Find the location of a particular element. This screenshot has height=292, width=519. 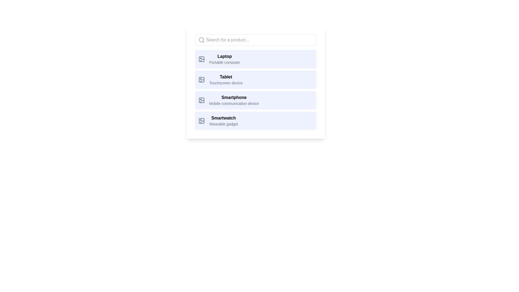

the magnifying glass icon that signifies search operations, located to the left of the text input field is located at coordinates (201, 39).